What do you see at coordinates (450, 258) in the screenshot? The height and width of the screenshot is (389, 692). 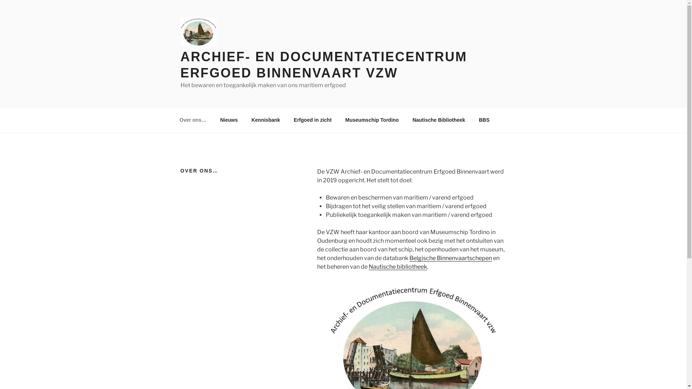 I see `'Belgische Binnenvaartschepen'` at bounding box center [450, 258].